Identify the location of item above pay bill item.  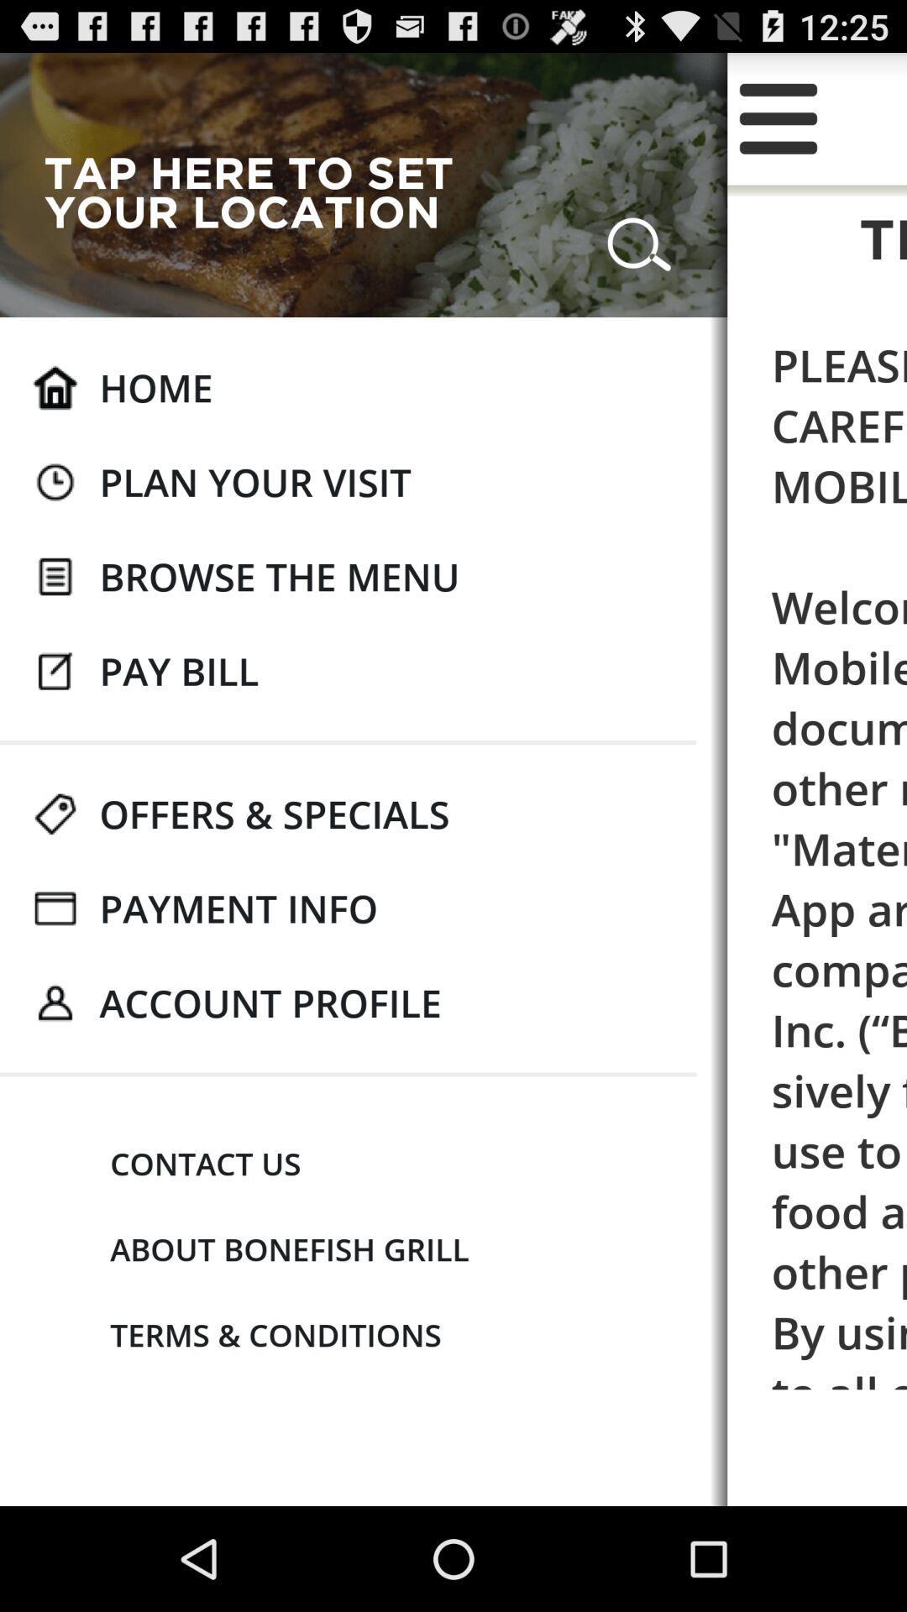
(278, 576).